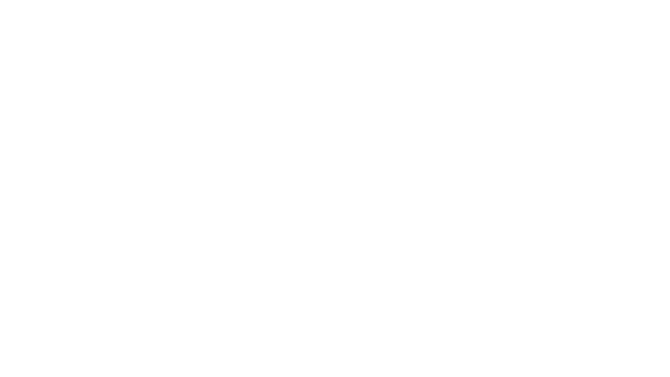  Describe the element at coordinates (24, 8) in the screenshot. I see `divRIOTS` at that location.